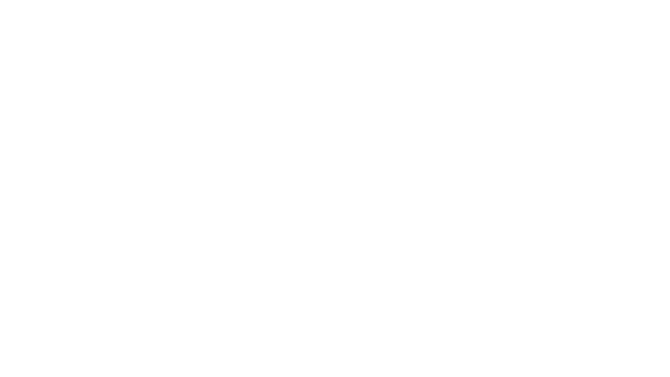  Describe the element at coordinates (24, 8) in the screenshot. I see `divRIOTS` at that location.